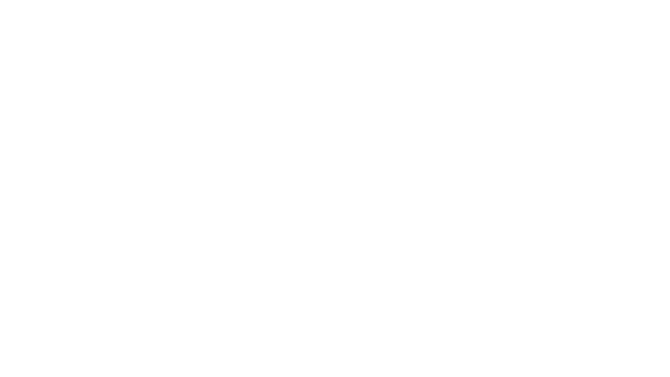  Describe the element at coordinates (24, 8) in the screenshot. I see `divRIOTS` at that location.